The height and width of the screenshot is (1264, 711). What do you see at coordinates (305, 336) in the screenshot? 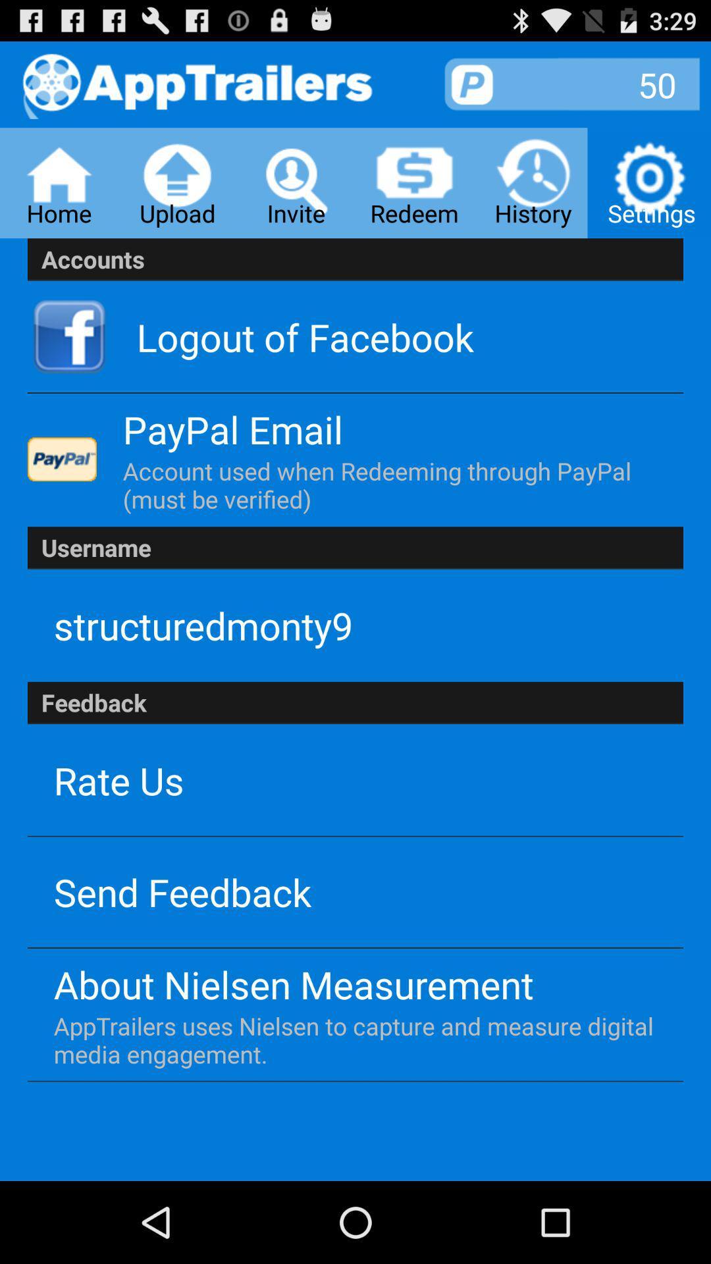
I see `item above paypal email app` at bounding box center [305, 336].